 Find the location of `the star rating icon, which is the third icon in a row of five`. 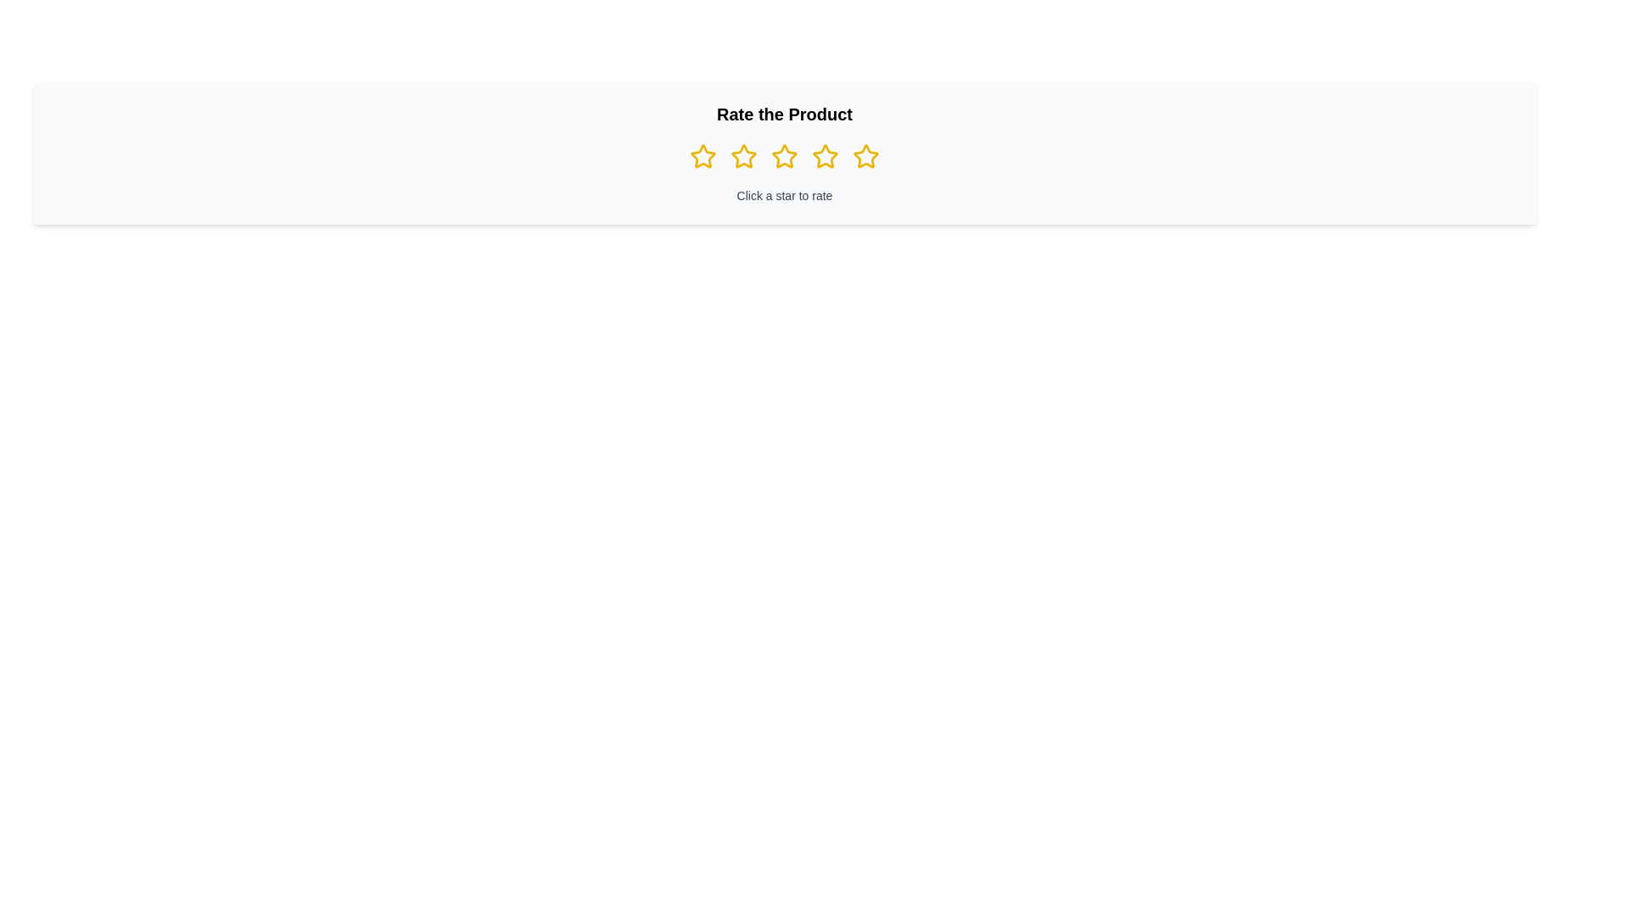

the star rating icon, which is the third icon in a row of five is located at coordinates (784, 156).